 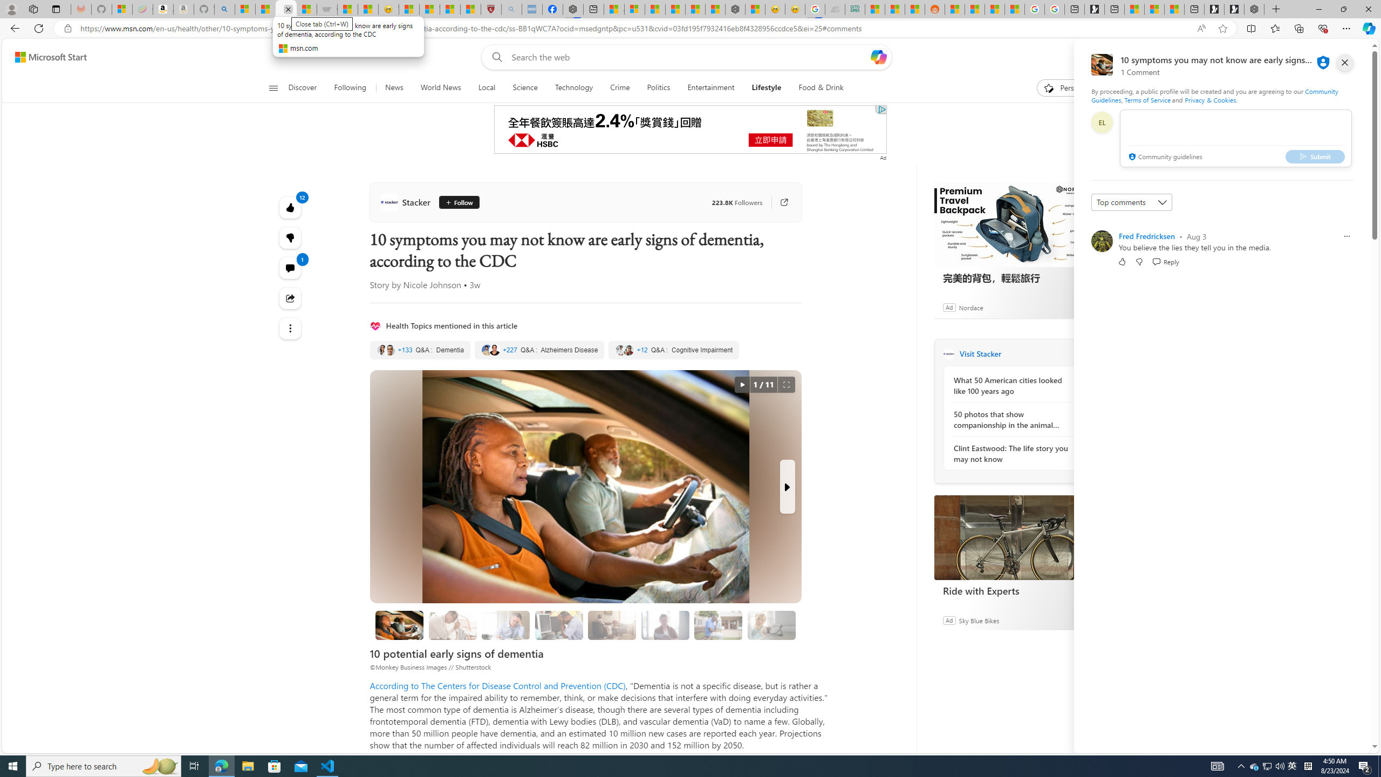 I want to click on 'Follow', so click(x=459, y=202).